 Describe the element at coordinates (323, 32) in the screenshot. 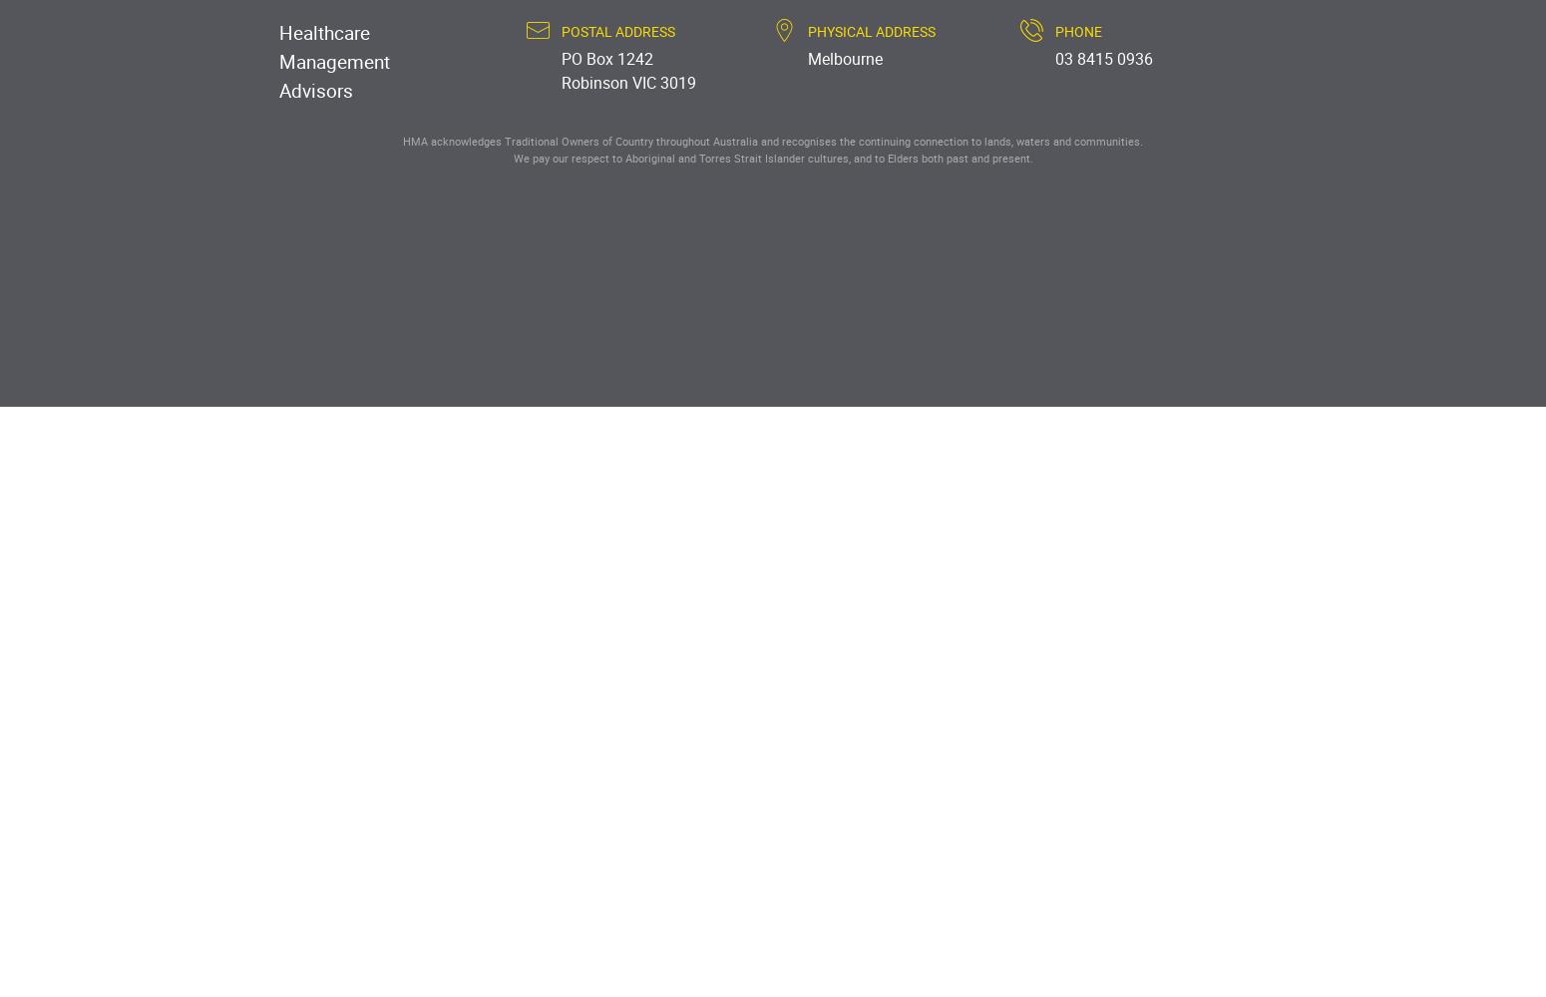

I see `'Healthcare'` at that location.